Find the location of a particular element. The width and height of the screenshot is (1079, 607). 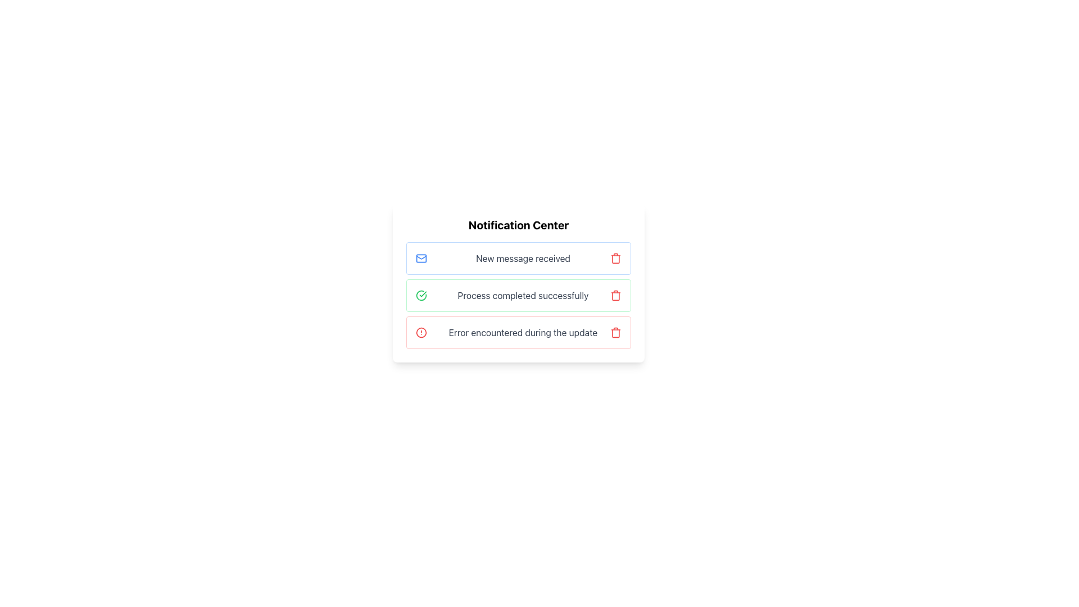

the small envelope graphic representing a mail icon, which features a triangular flap at the top, located in the notification area of the interface is located at coordinates (420, 257).